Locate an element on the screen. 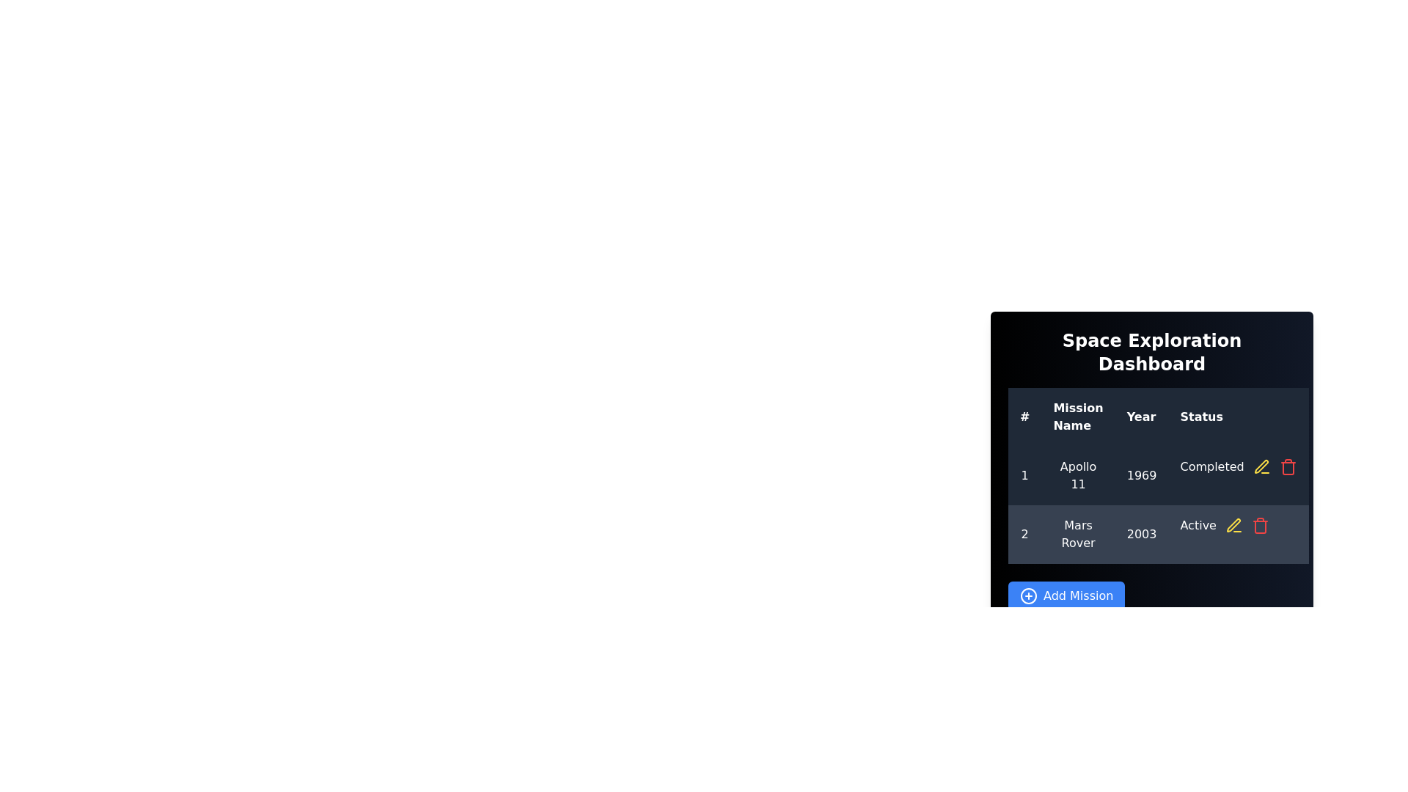 Image resolution: width=1408 pixels, height=792 pixels. the 'Mission Name' table header cell, which is the second column header in the table, centrally aligned in the vertical direction is located at coordinates (1078, 417).